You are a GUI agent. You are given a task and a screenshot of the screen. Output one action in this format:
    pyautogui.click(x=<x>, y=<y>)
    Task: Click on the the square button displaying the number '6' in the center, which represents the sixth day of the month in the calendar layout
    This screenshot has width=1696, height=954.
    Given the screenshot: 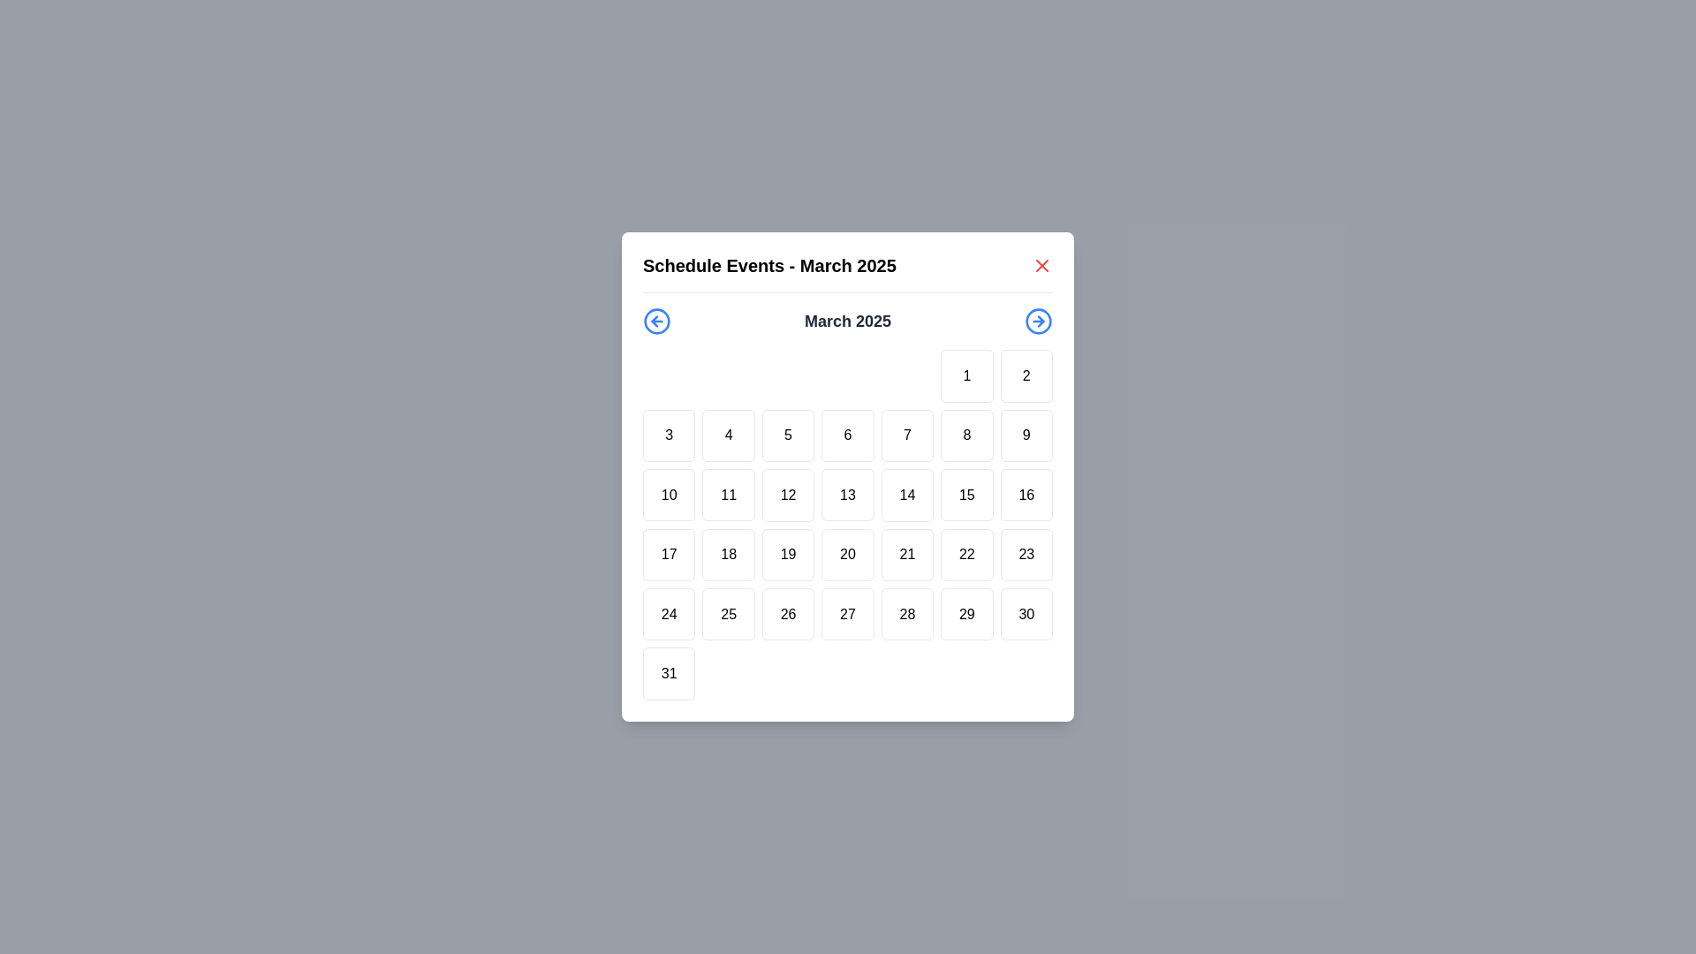 What is the action you would take?
    pyautogui.click(x=848, y=435)
    